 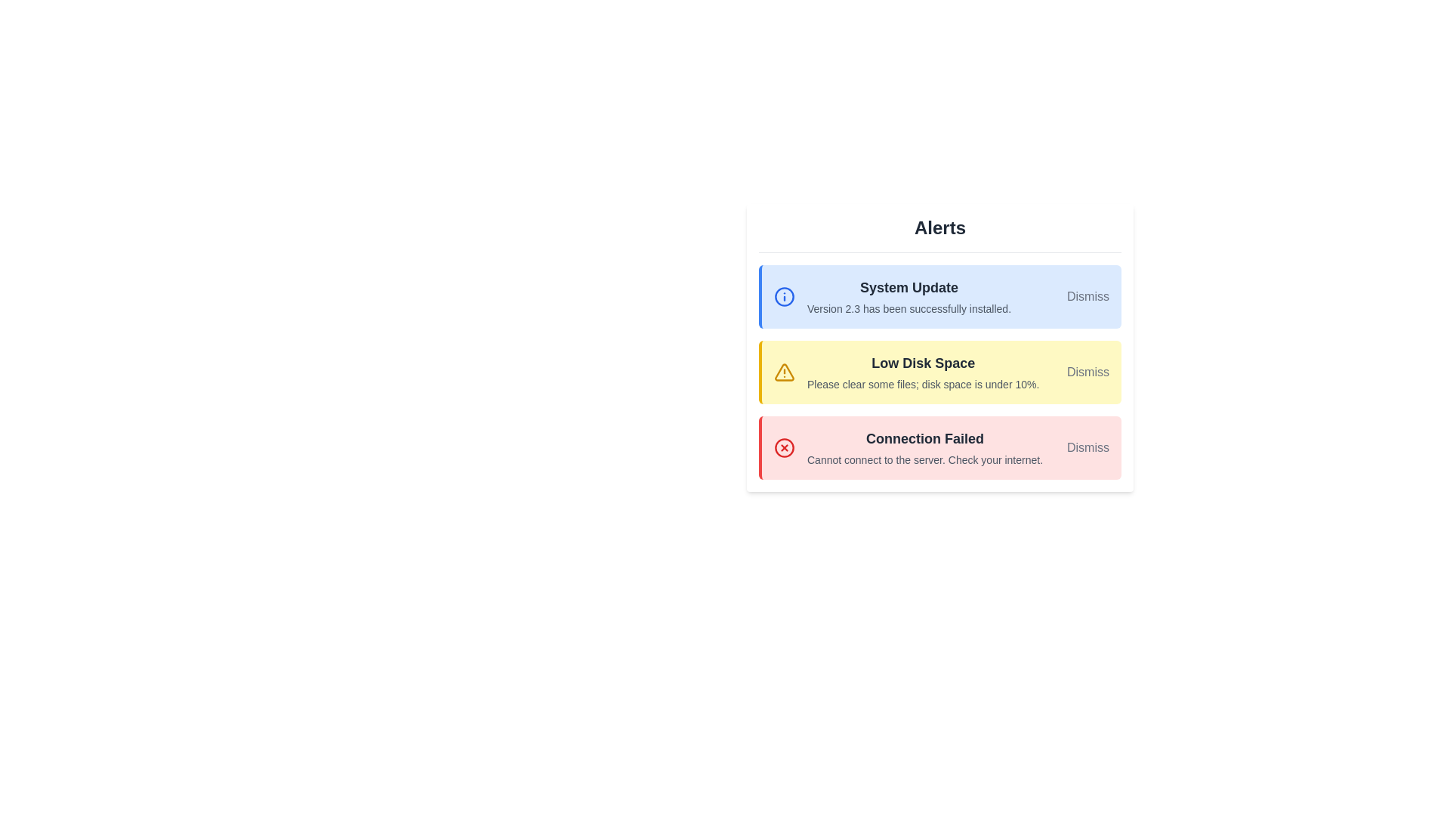 What do you see at coordinates (922, 372) in the screenshot?
I see `the Notification banner text displaying 'Low Disk Space' with a light yellow background, which contains a title and description indicating low disk space status` at bounding box center [922, 372].